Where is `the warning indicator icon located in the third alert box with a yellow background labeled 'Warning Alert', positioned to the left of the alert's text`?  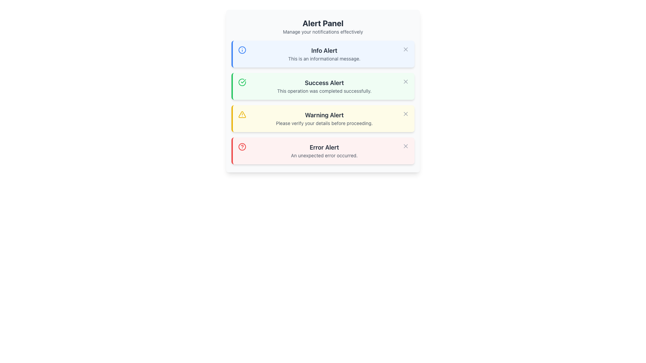 the warning indicator icon located in the third alert box with a yellow background labeled 'Warning Alert', positioned to the left of the alert's text is located at coordinates (242, 114).